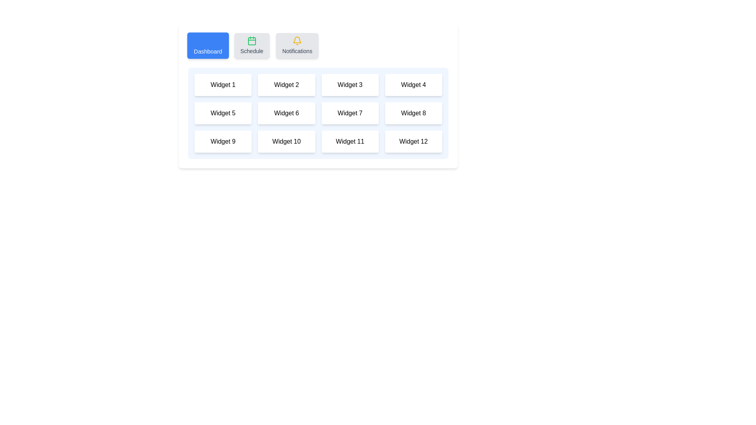 This screenshot has width=756, height=425. Describe the element at coordinates (208, 45) in the screenshot. I see `the tab labeled Dashboard to preview its appearance` at that location.